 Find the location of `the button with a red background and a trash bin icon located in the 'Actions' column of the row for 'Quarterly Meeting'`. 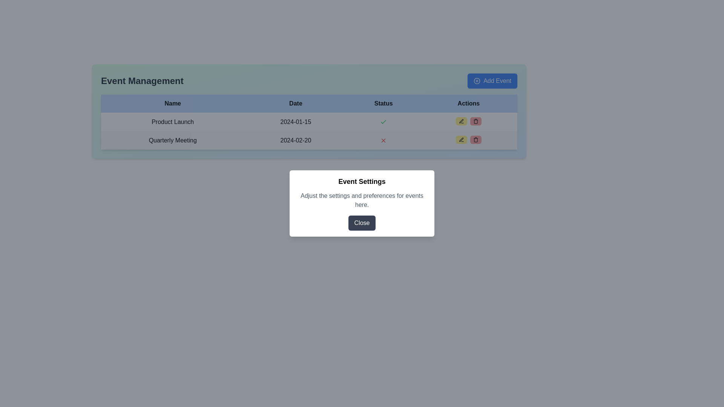

the button with a red background and a trash bin icon located in the 'Actions' column of the row for 'Quarterly Meeting' is located at coordinates (476, 139).